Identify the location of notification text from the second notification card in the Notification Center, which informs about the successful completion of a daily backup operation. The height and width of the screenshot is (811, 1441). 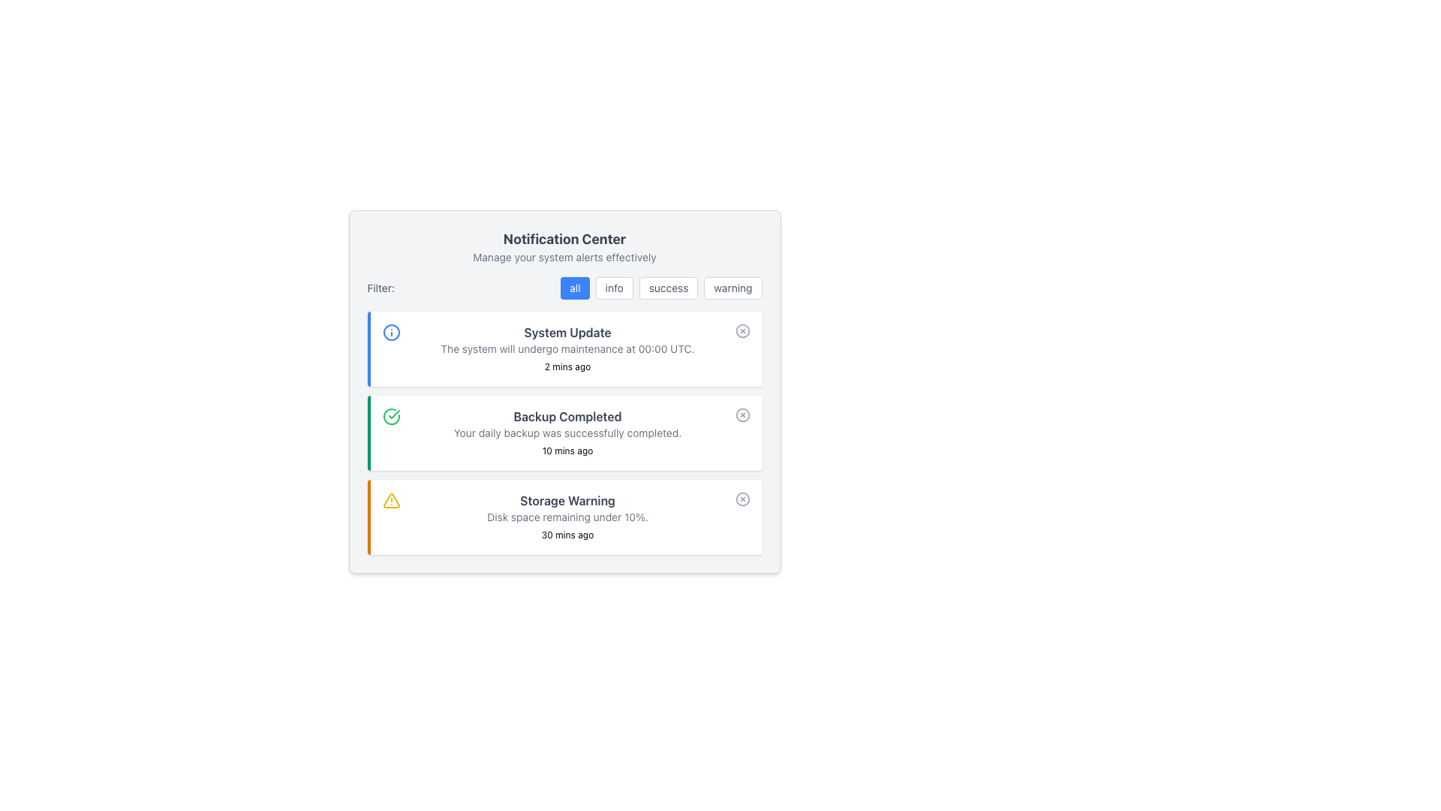
(564, 433).